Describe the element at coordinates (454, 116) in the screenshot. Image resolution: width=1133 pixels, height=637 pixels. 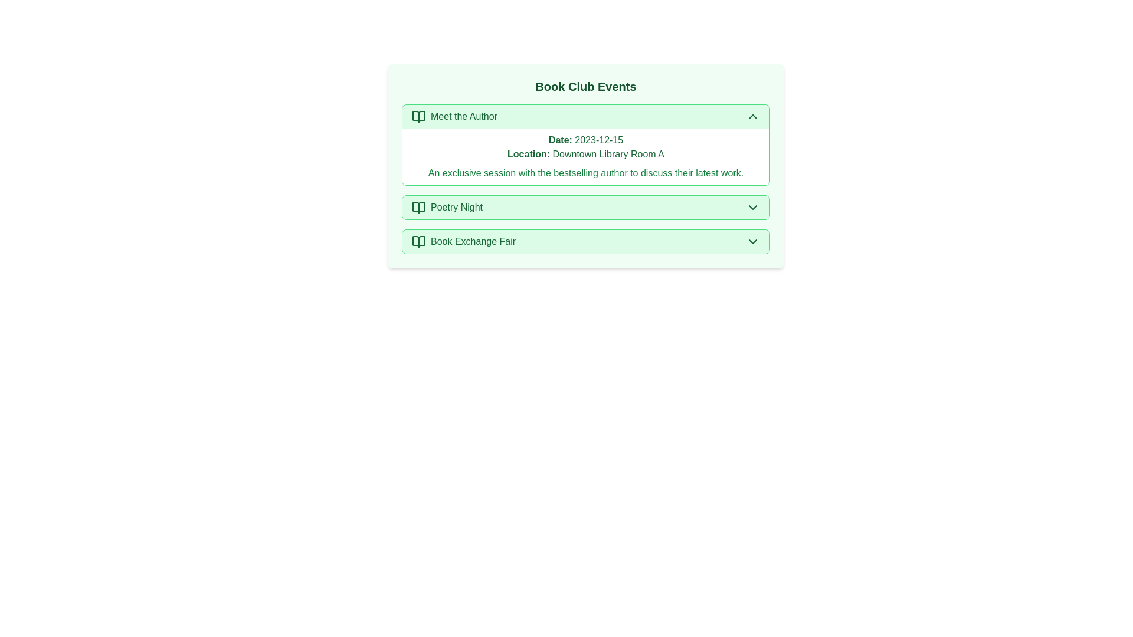
I see `the 'Meet the Author' List Header with Icon, which features an open book icon and green color scheme` at that location.